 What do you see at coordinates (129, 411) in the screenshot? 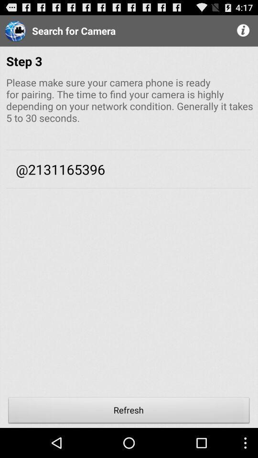
I see `icon at the bottom` at bounding box center [129, 411].